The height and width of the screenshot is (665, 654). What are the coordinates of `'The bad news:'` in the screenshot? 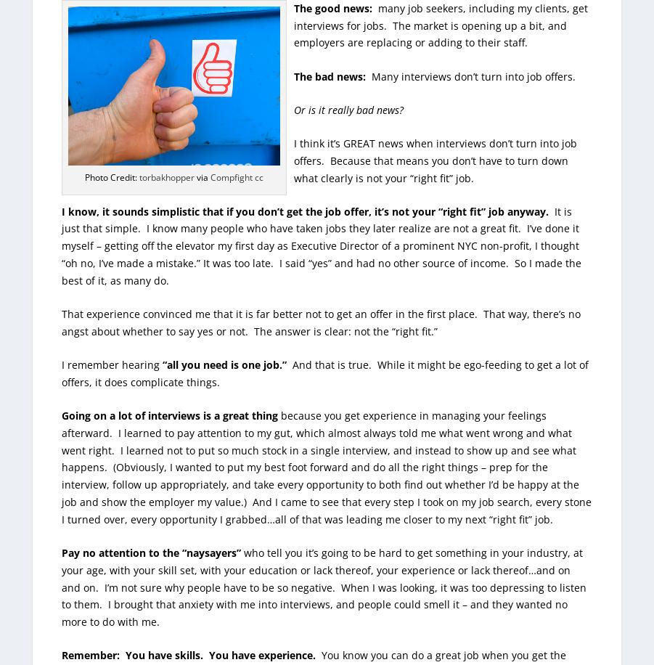 It's located at (330, 75).